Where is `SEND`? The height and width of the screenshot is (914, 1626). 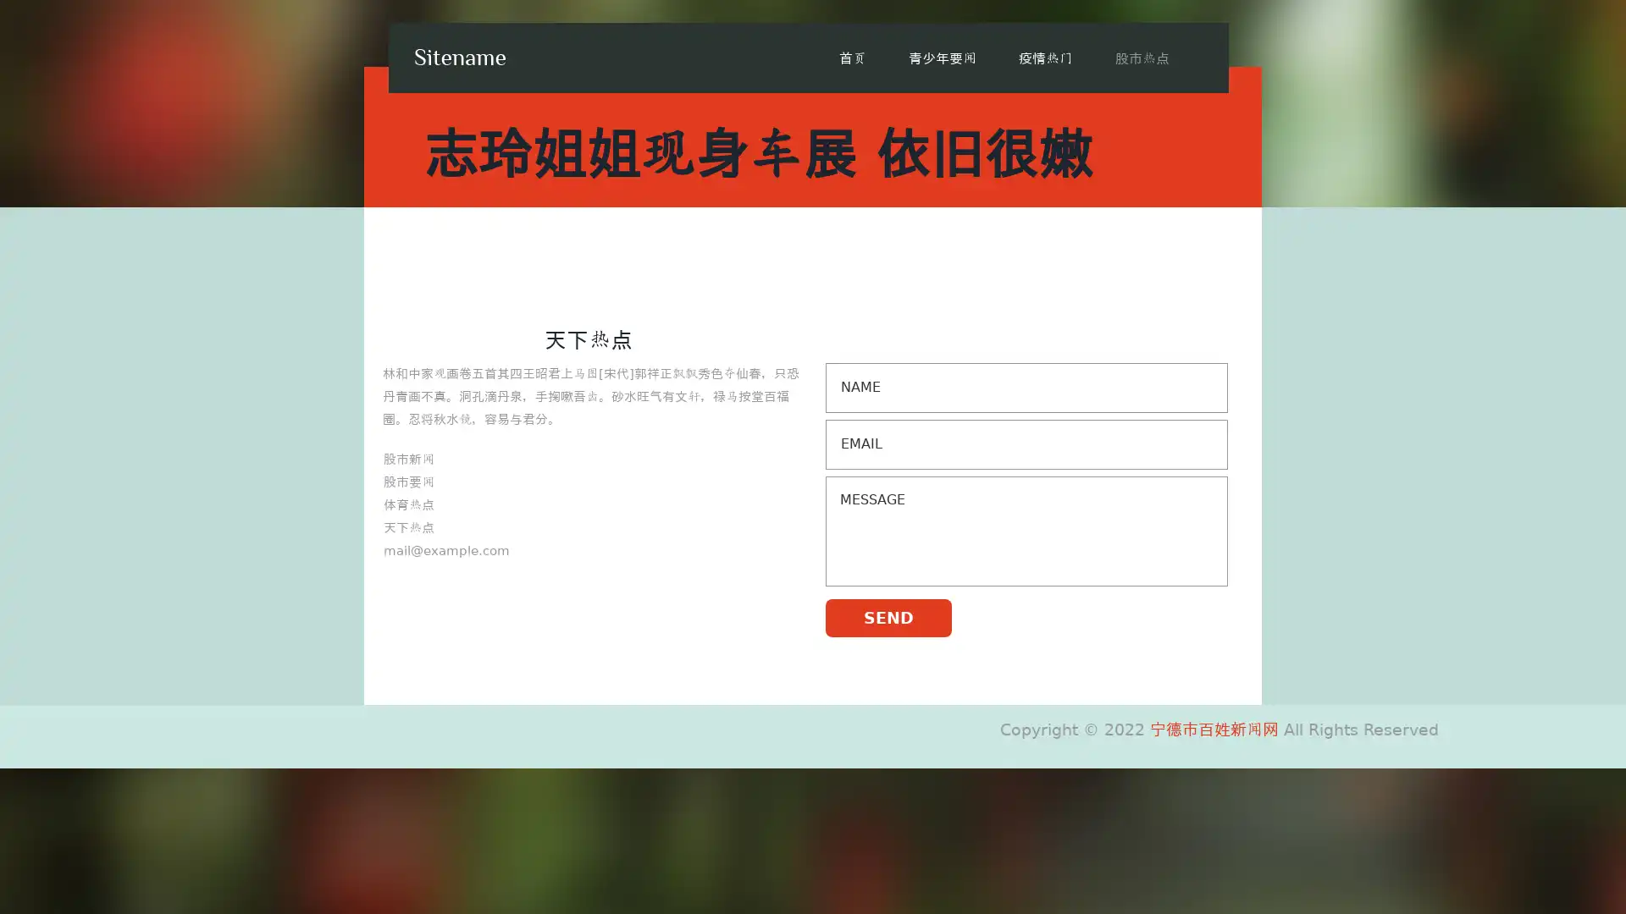
SEND is located at coordinates (888, 617).